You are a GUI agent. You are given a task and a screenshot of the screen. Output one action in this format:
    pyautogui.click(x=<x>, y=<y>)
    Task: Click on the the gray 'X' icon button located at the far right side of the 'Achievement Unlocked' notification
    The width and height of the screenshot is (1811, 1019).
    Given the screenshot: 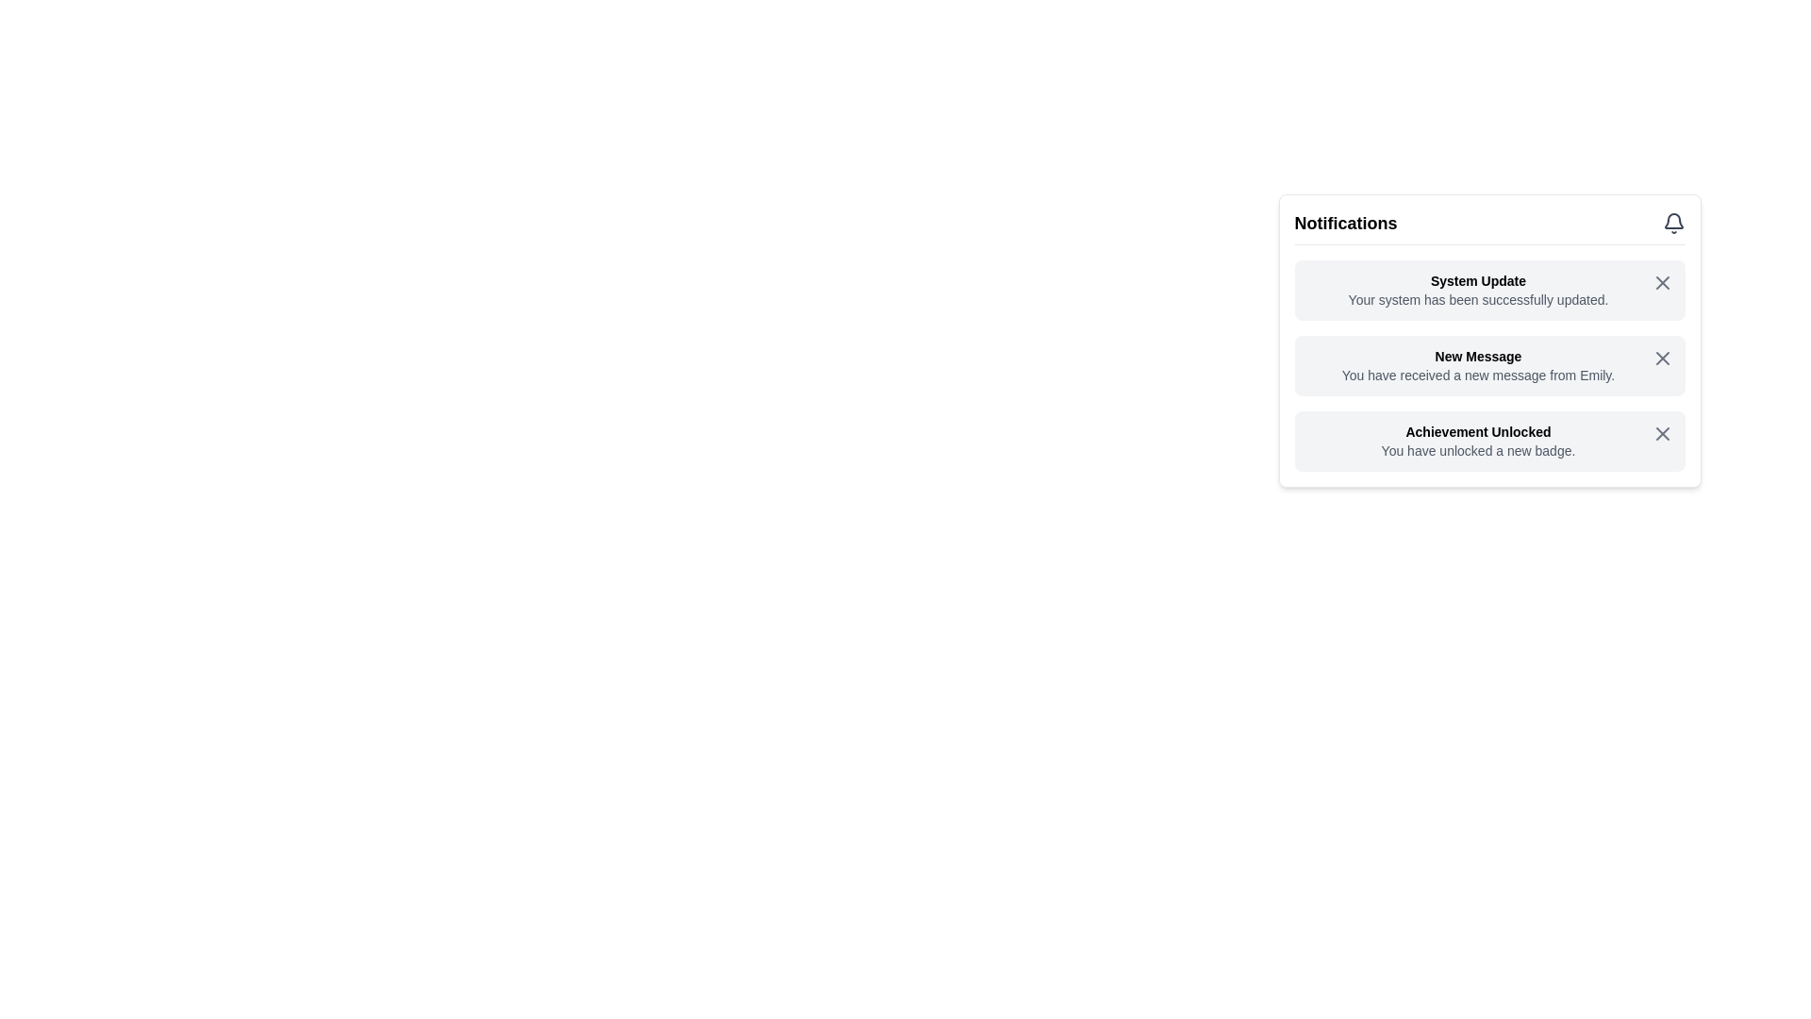 What is the action you would take?
    pyautogui.click(x=1662, y=433)
    